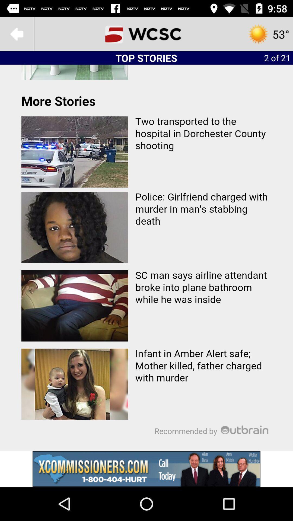  What do you see at coordinates (146, 34) in the screenshot?
I see `the item next to the 2 of 21 item` at bounding box center [146, 34].